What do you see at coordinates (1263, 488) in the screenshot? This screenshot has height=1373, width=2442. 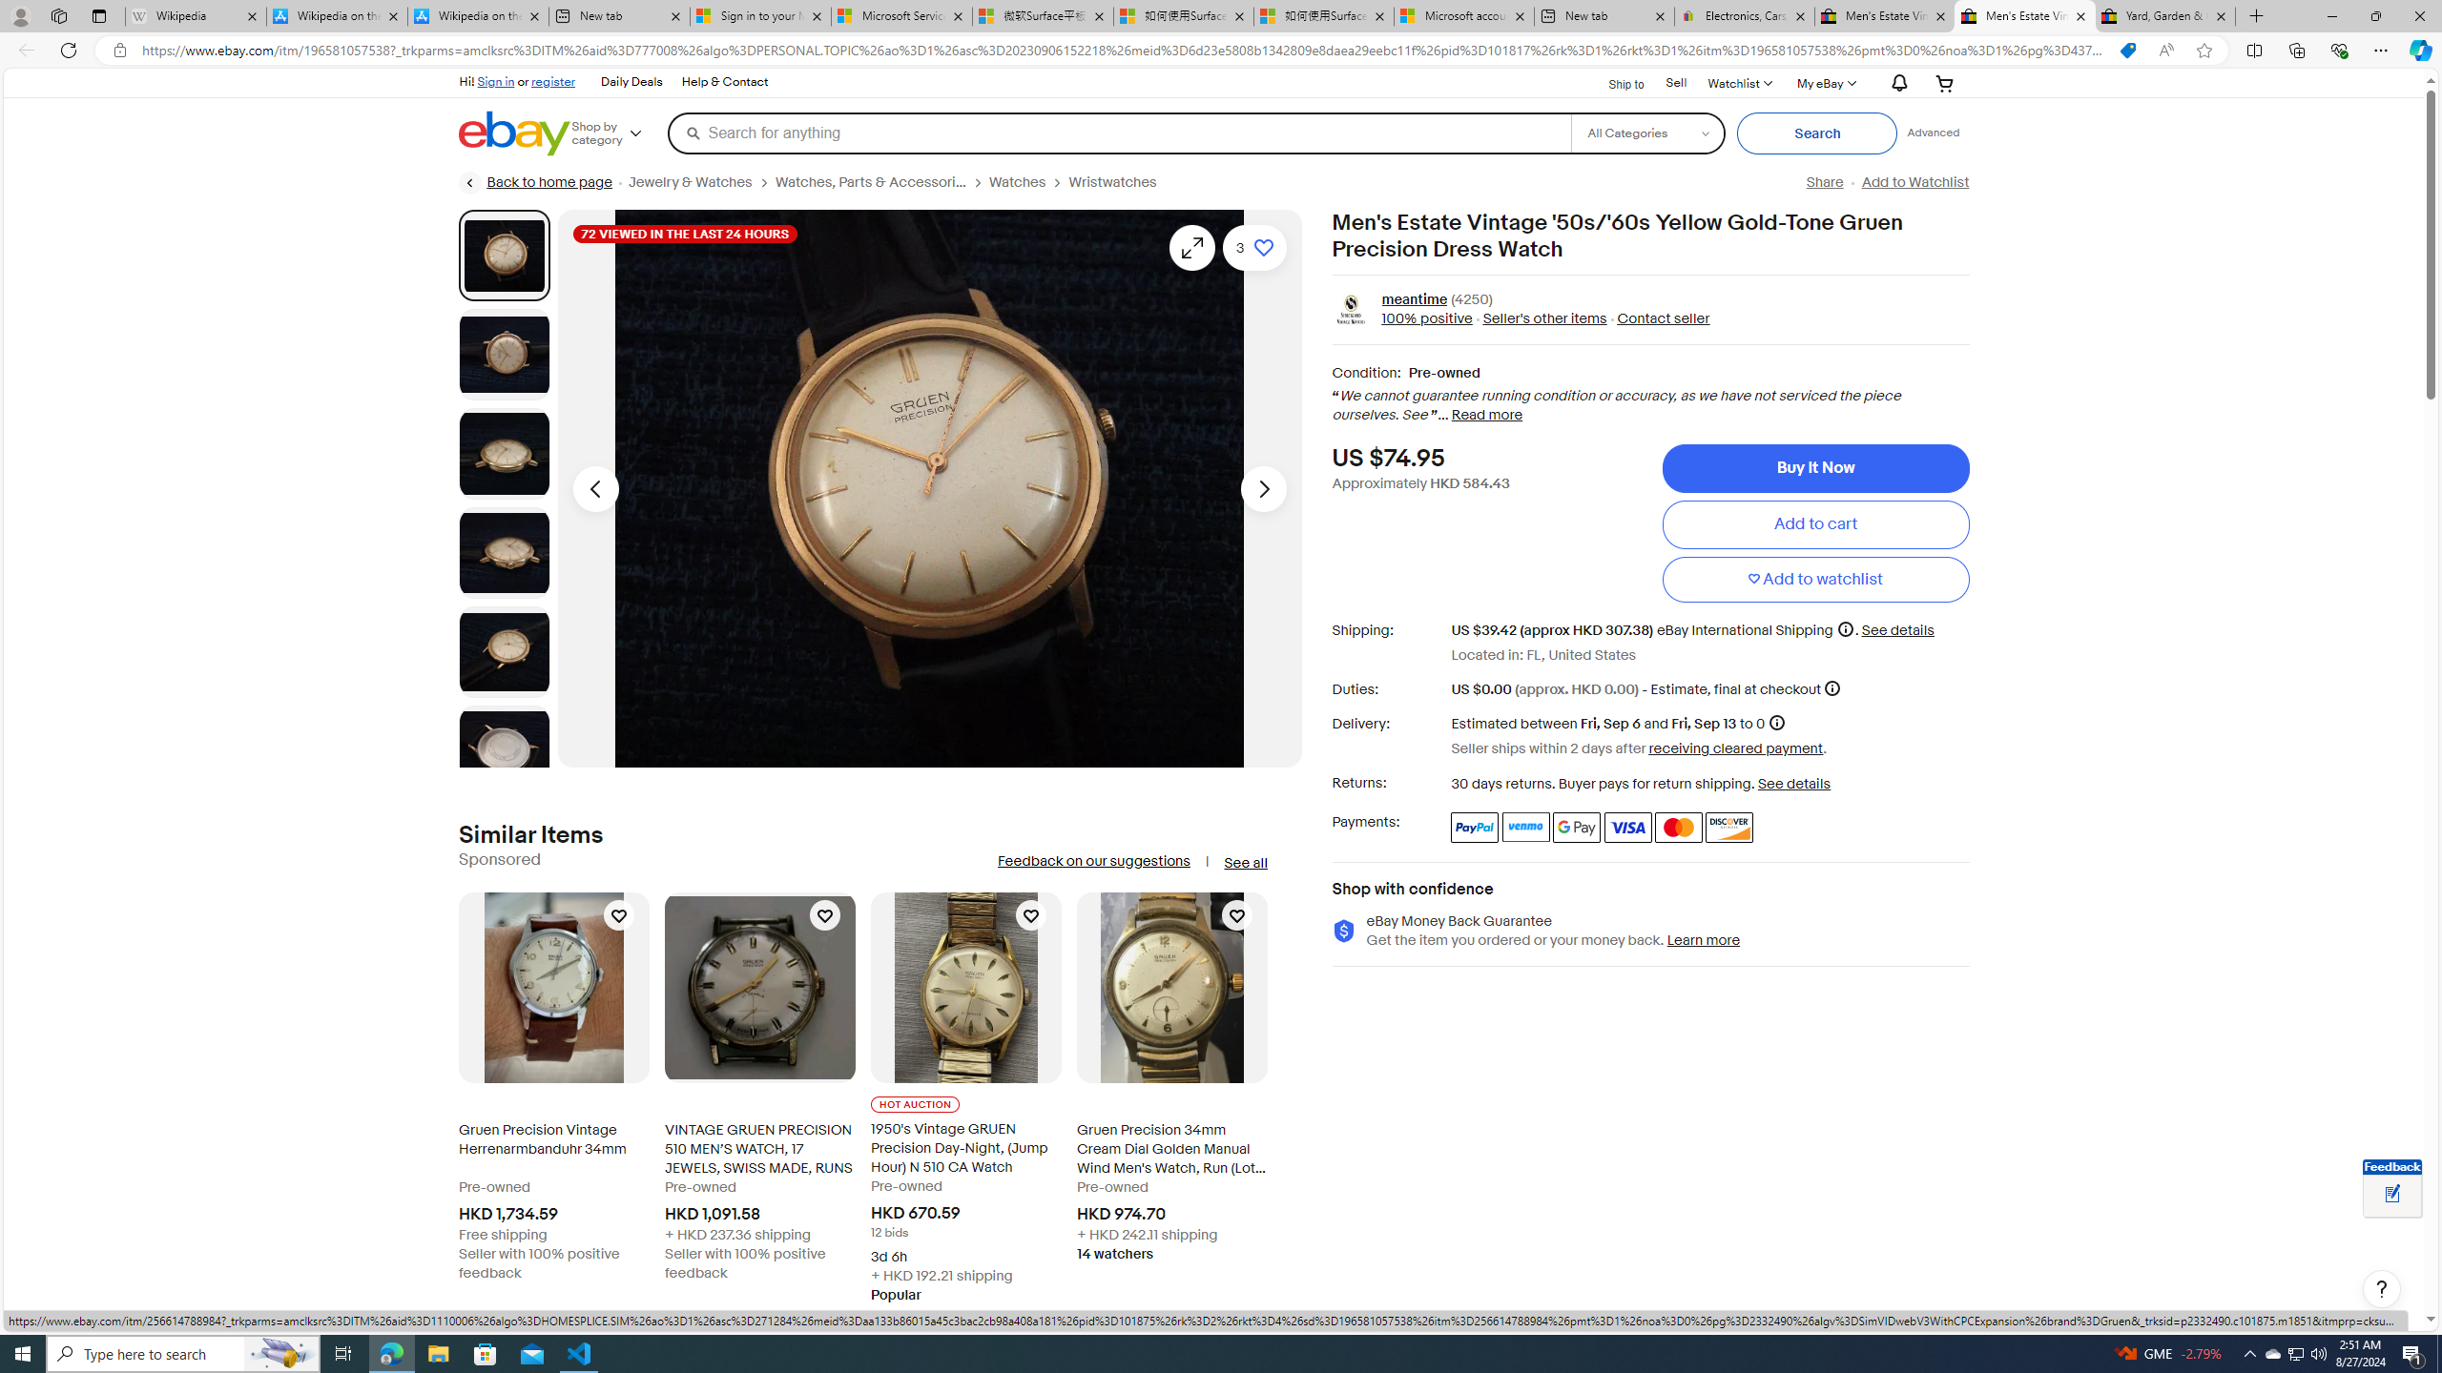 I see `'Next image - Item images thumbnails'` at bounding box center [1263, 488].